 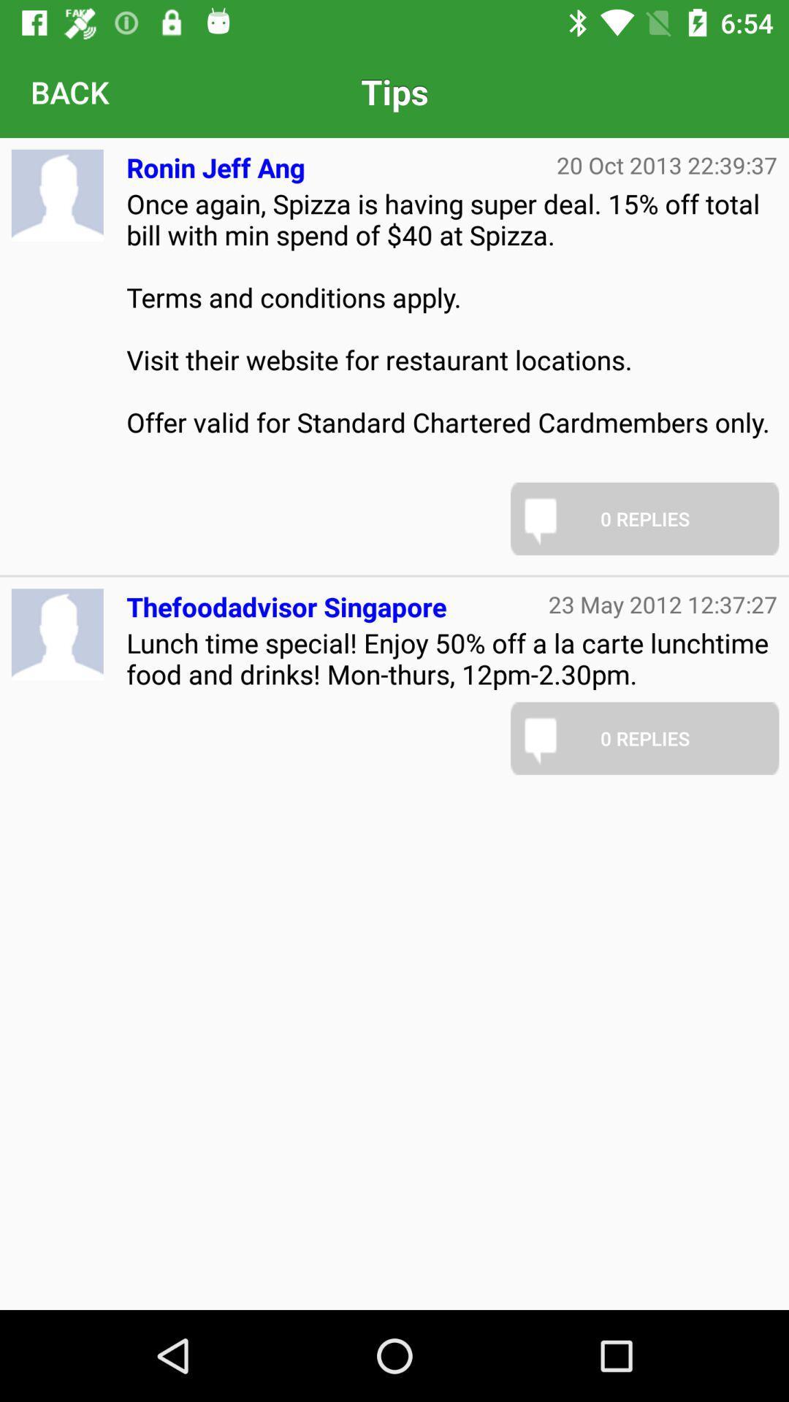 What do you see at coordinates (69, 91) in the screenshot?
I see `back icon` at bounding box center [69, 91].